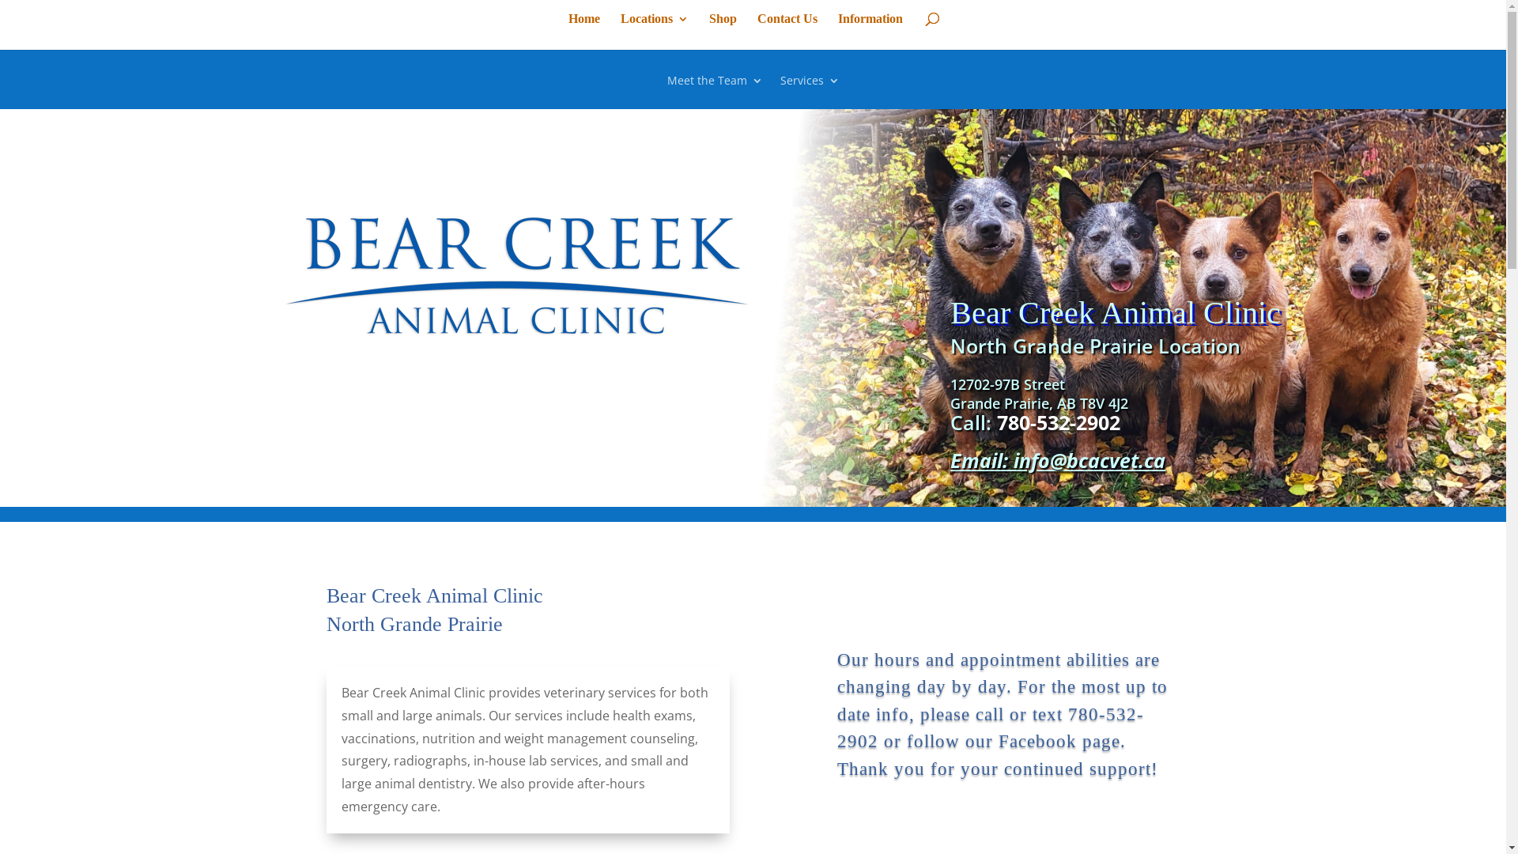 Image resolution: width=1518 pixels, height=854 pixels. What do you see at coordinates (583, 31) in the screenshot?
I see `'Home'` at bounding box center [583, 31].